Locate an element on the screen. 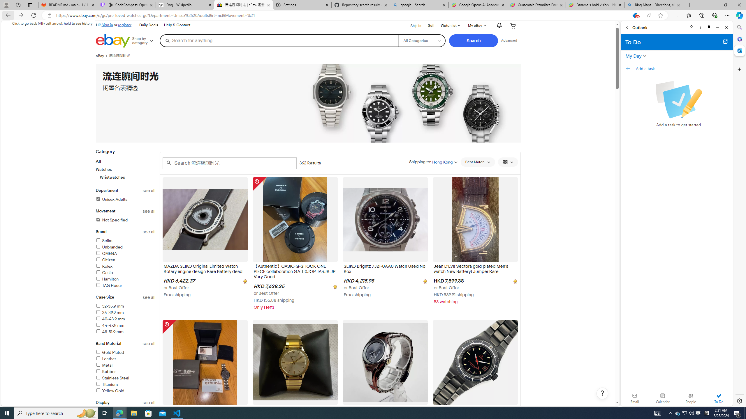 The height and width of the screenshot is (419, 746). 'People' is located at coordinates (690, 398).